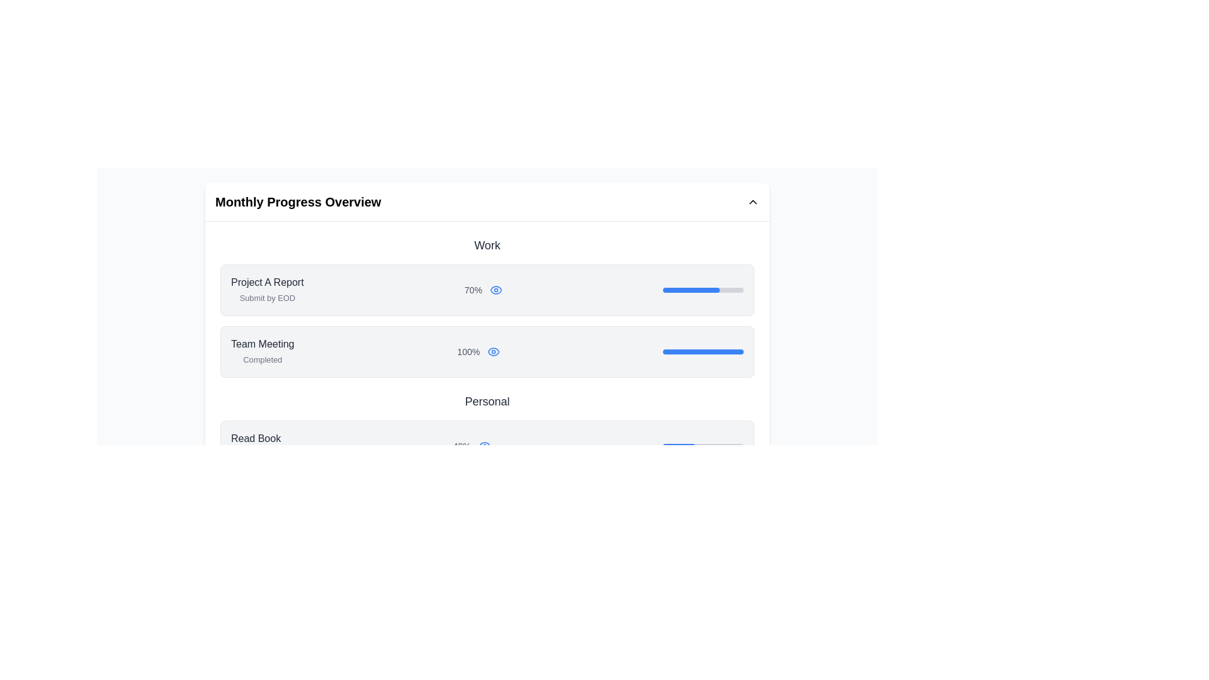 The image size is (1209, 680). What do you see at coordinates (255, 446) in the screenshot?
I see `text displayed in the multiline textual element titled 'Read Book' showing progress as 'Chapter 5/12', located in the 'Personal' section at the bottom-left corner` at bounding box center [255, 446].